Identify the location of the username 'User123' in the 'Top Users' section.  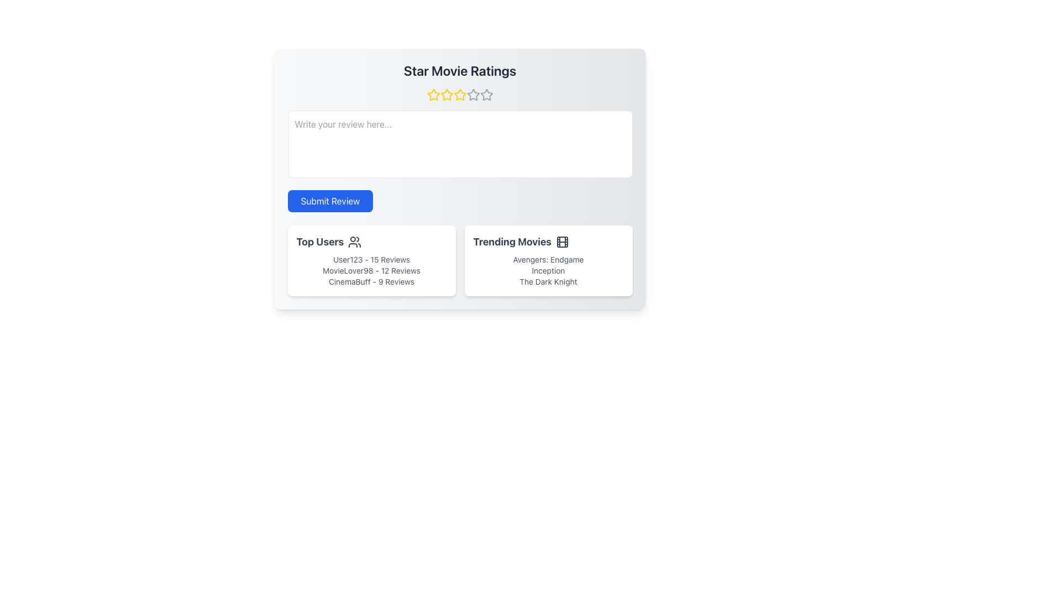
(371, 260).